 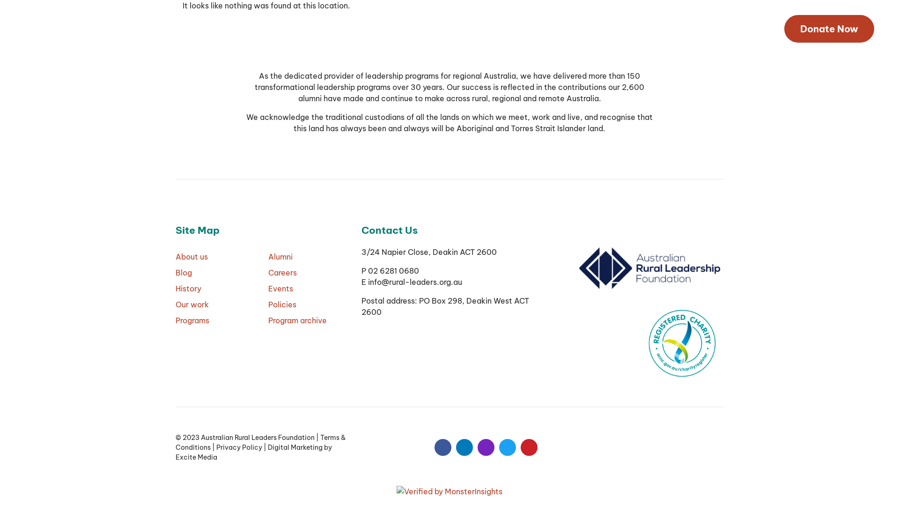 What do you see at coordinates (217, 305) in the screenshot?
I see `'Our work'` at bounding box center [217, 305].